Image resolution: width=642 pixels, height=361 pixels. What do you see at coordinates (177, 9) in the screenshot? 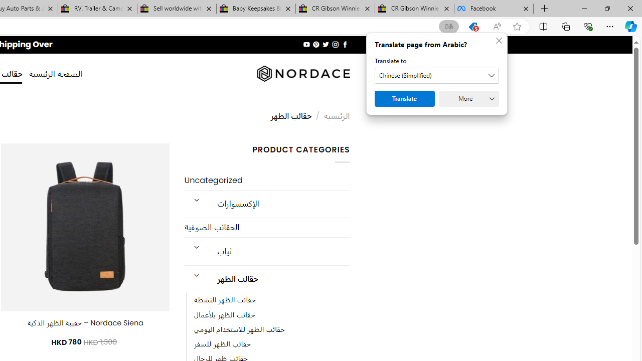
I see `'Sell worldwide with eBay'` at bounding box center [177, 9].